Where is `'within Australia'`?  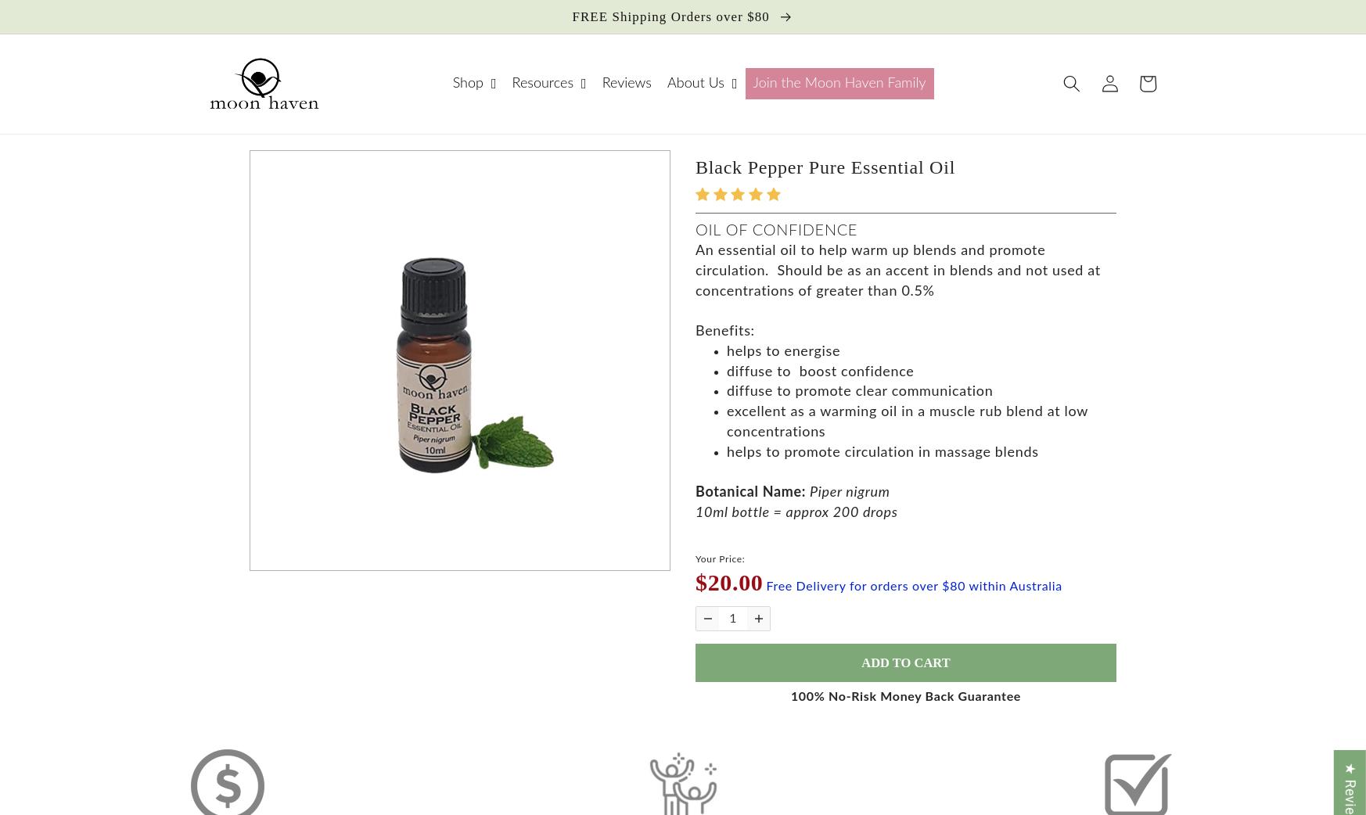 'within Australia' is located at coordinates (1014, 586).